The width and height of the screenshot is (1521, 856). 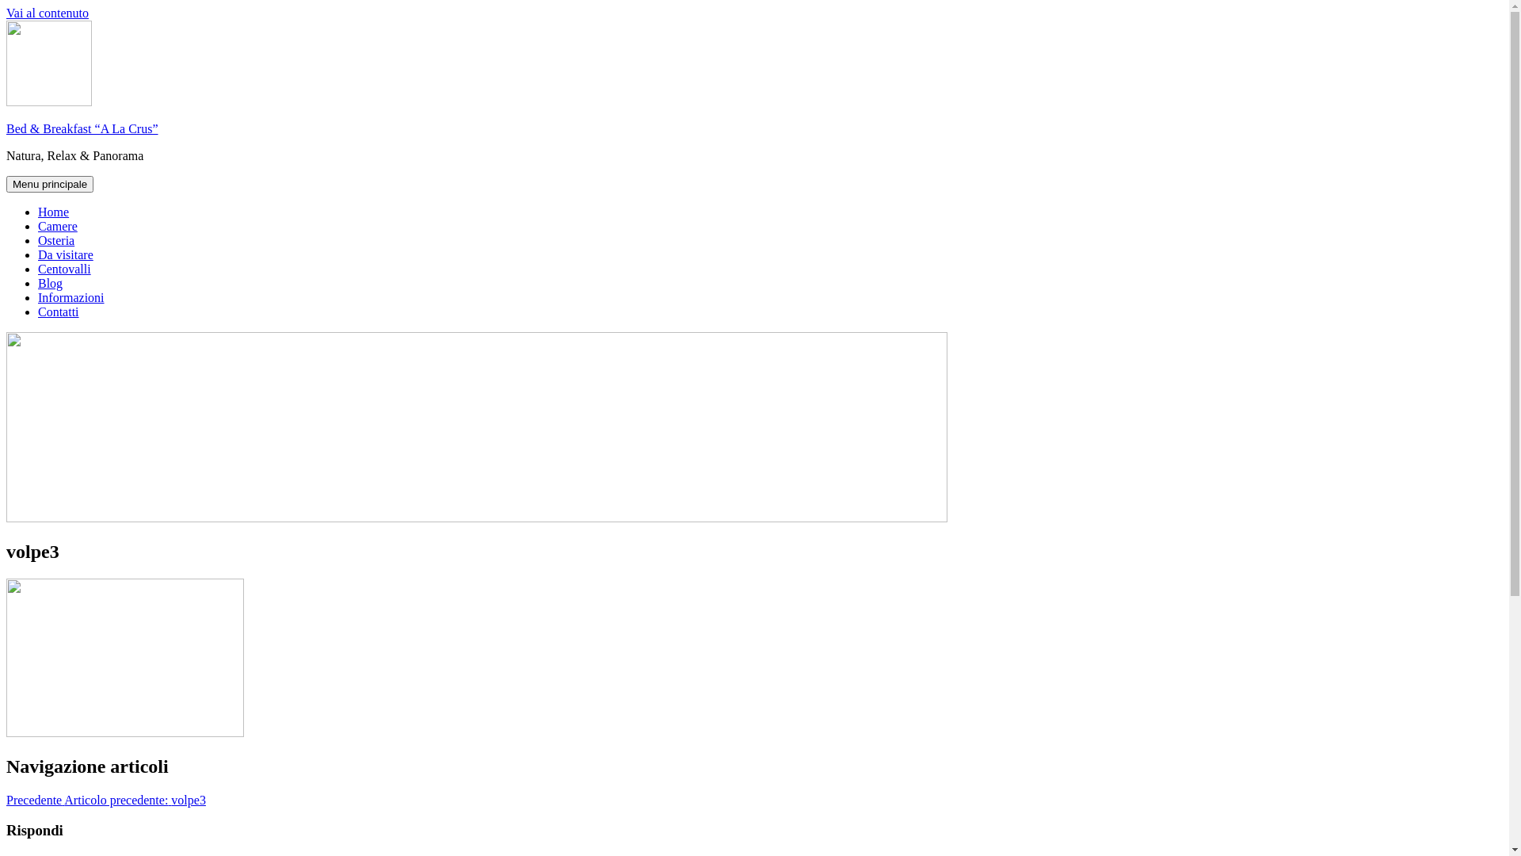 I want to click on 'Centovalli', so click(x=38, y=268).